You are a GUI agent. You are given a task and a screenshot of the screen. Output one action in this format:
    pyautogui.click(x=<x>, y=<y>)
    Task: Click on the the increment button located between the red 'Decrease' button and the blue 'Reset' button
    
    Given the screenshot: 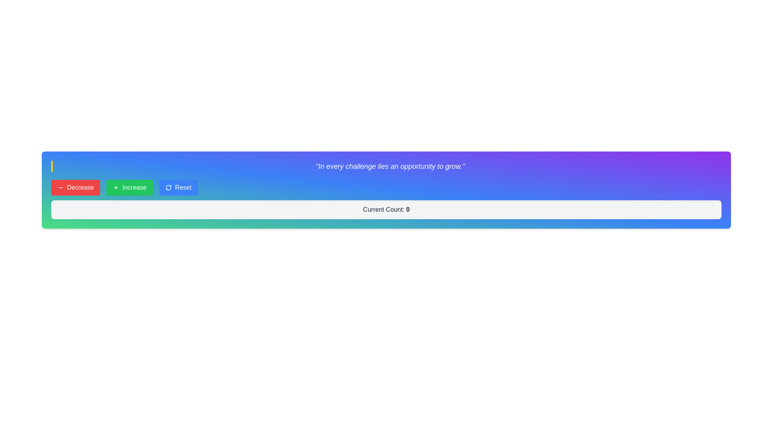 What is the action you would take?
    pyautogui.click(x=130, y=188)
    